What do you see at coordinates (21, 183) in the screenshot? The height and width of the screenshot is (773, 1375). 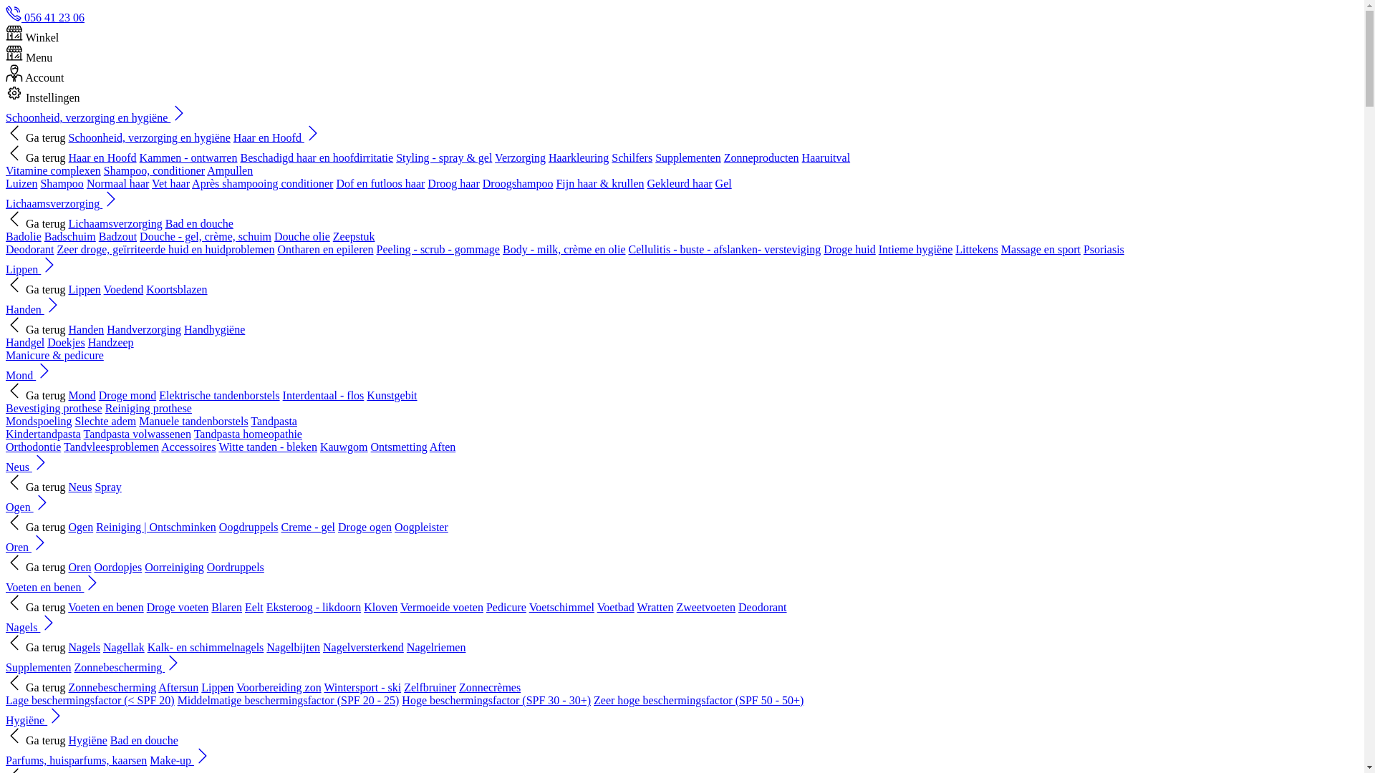 I see `'Luizen'` at bounding box center [21, 183].